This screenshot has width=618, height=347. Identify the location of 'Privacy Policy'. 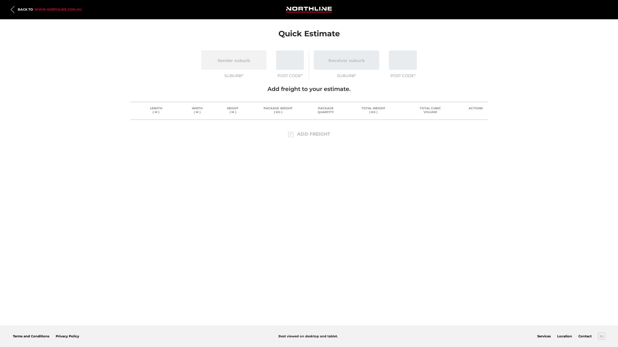
(67, 335).